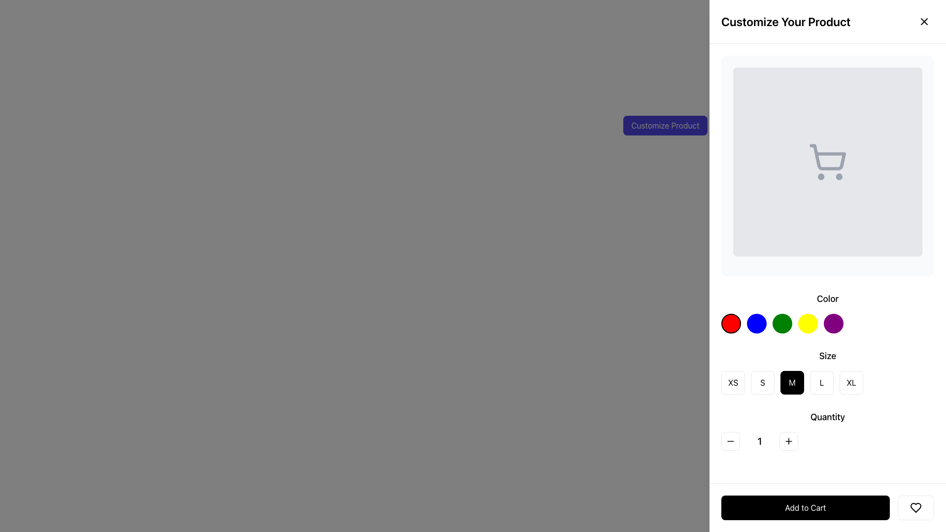  What do you see at coordinates (915, 507) in the screenshot?
I see `the favorite or wishlist button located at the bottom-right of the interface` at bounding box center [915, 507].